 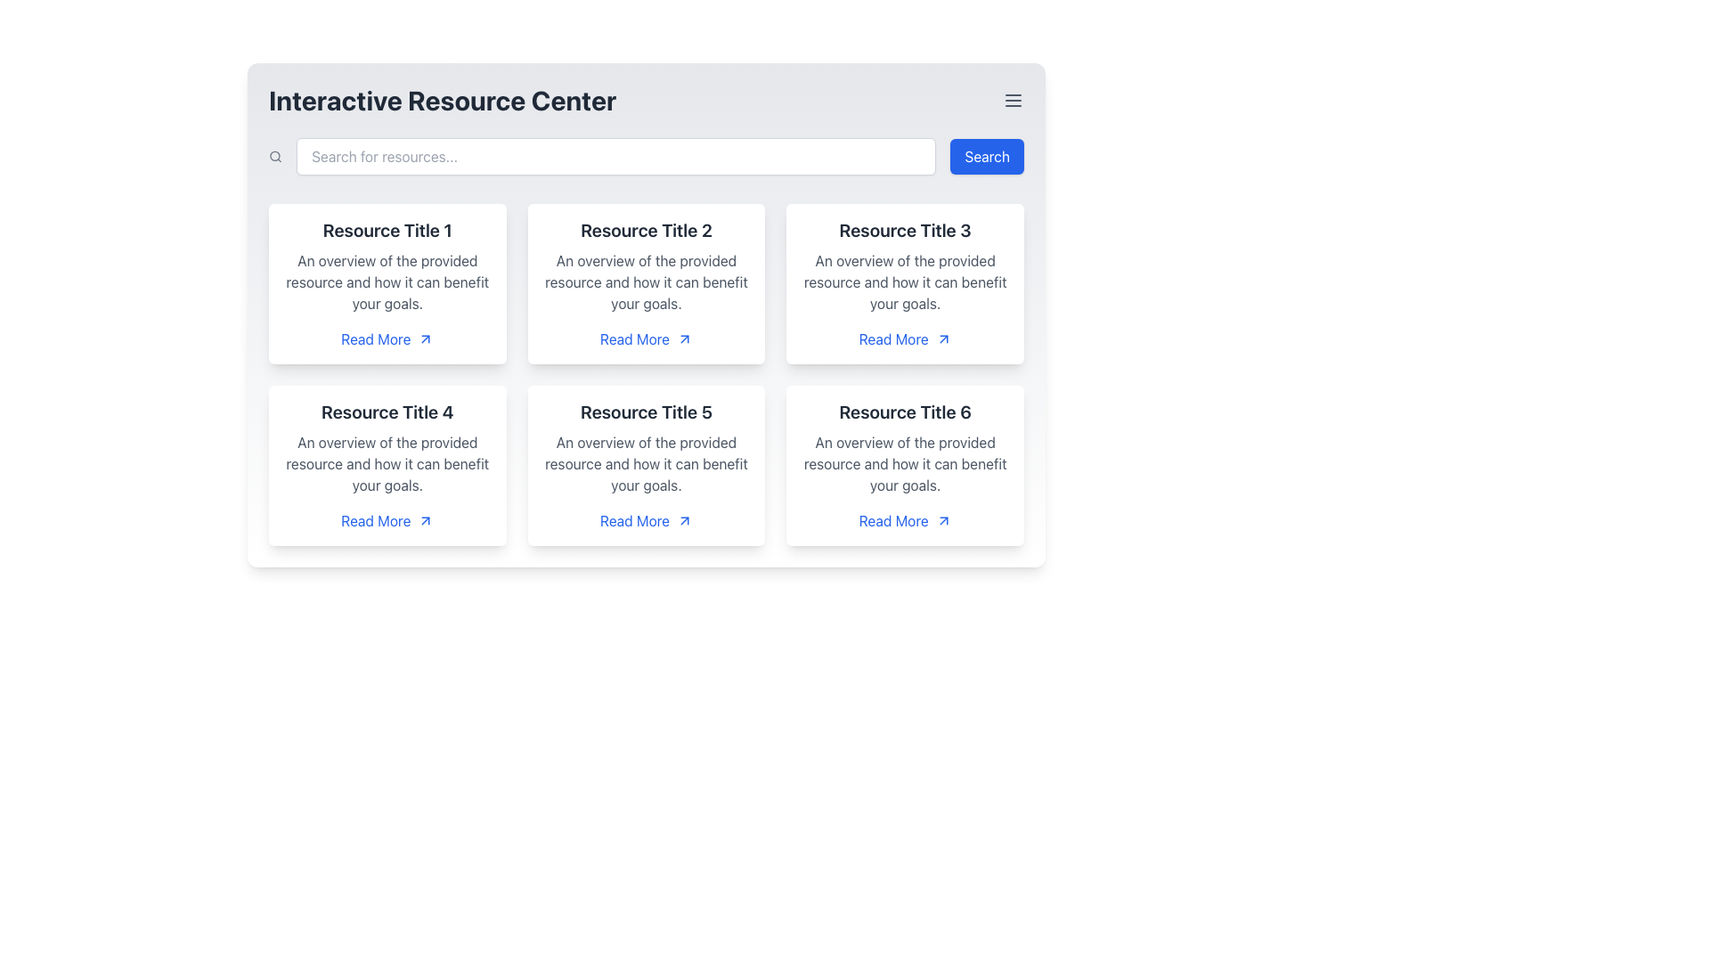 What do you see at coordinates (942, 521) in the screenshot?
I see `the upward-right oriented blue stroke arrow icon at the end of the 'Read More' hyperlink in the sixth resource card's second row` at bounding box center [942, 521].